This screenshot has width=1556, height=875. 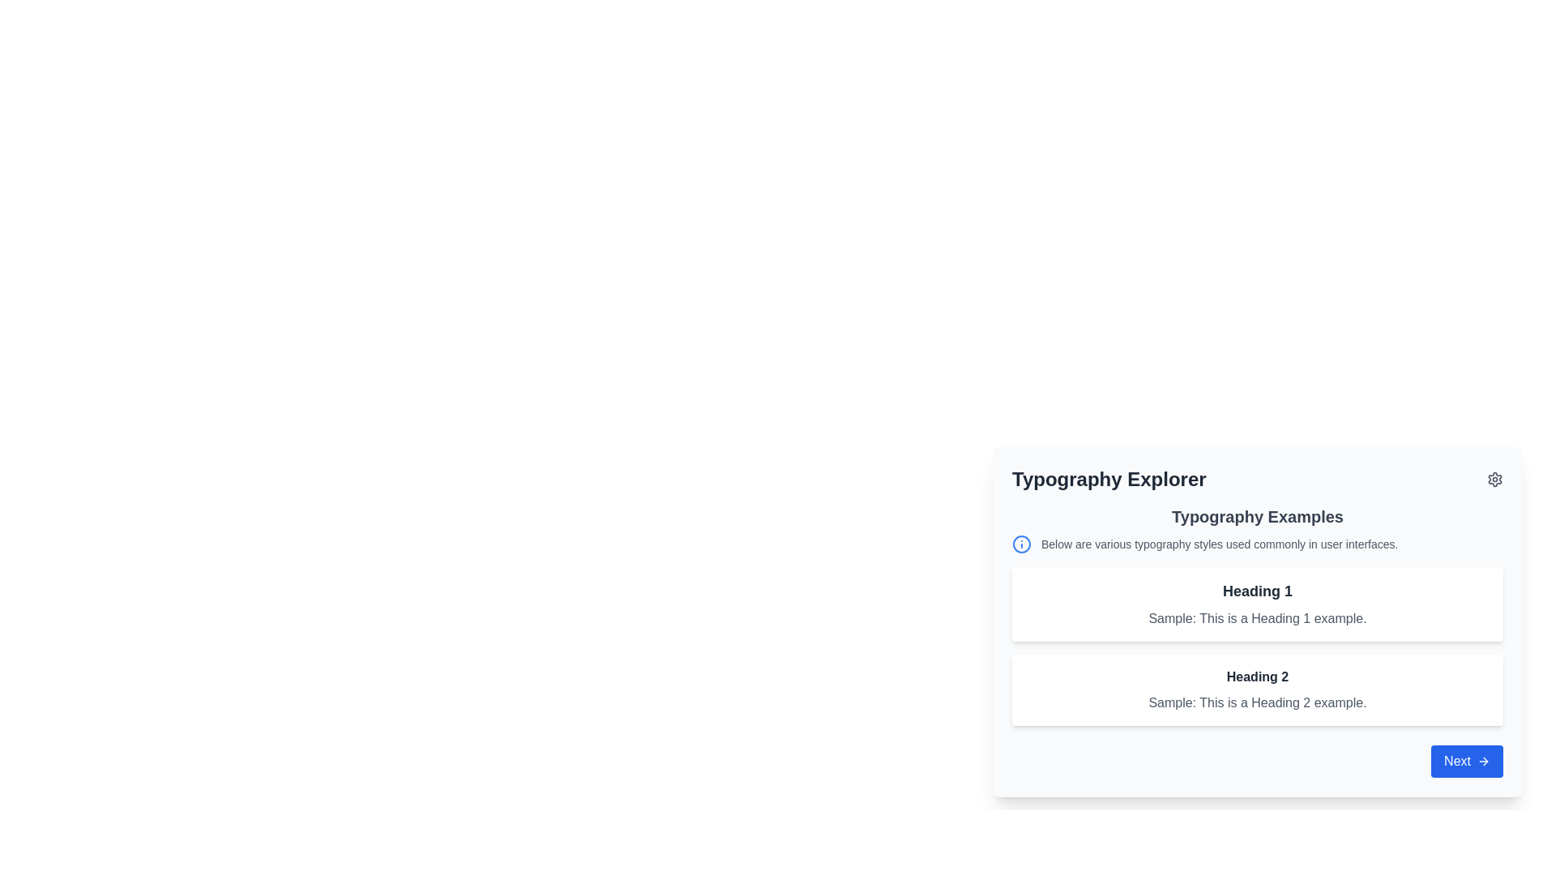 I want to click on the small circular blue outline information icon featuring a lowercase 'i' symbol, located at the leftmost side of the text and icons group describing typography styles, so click(x=1021, y=544).